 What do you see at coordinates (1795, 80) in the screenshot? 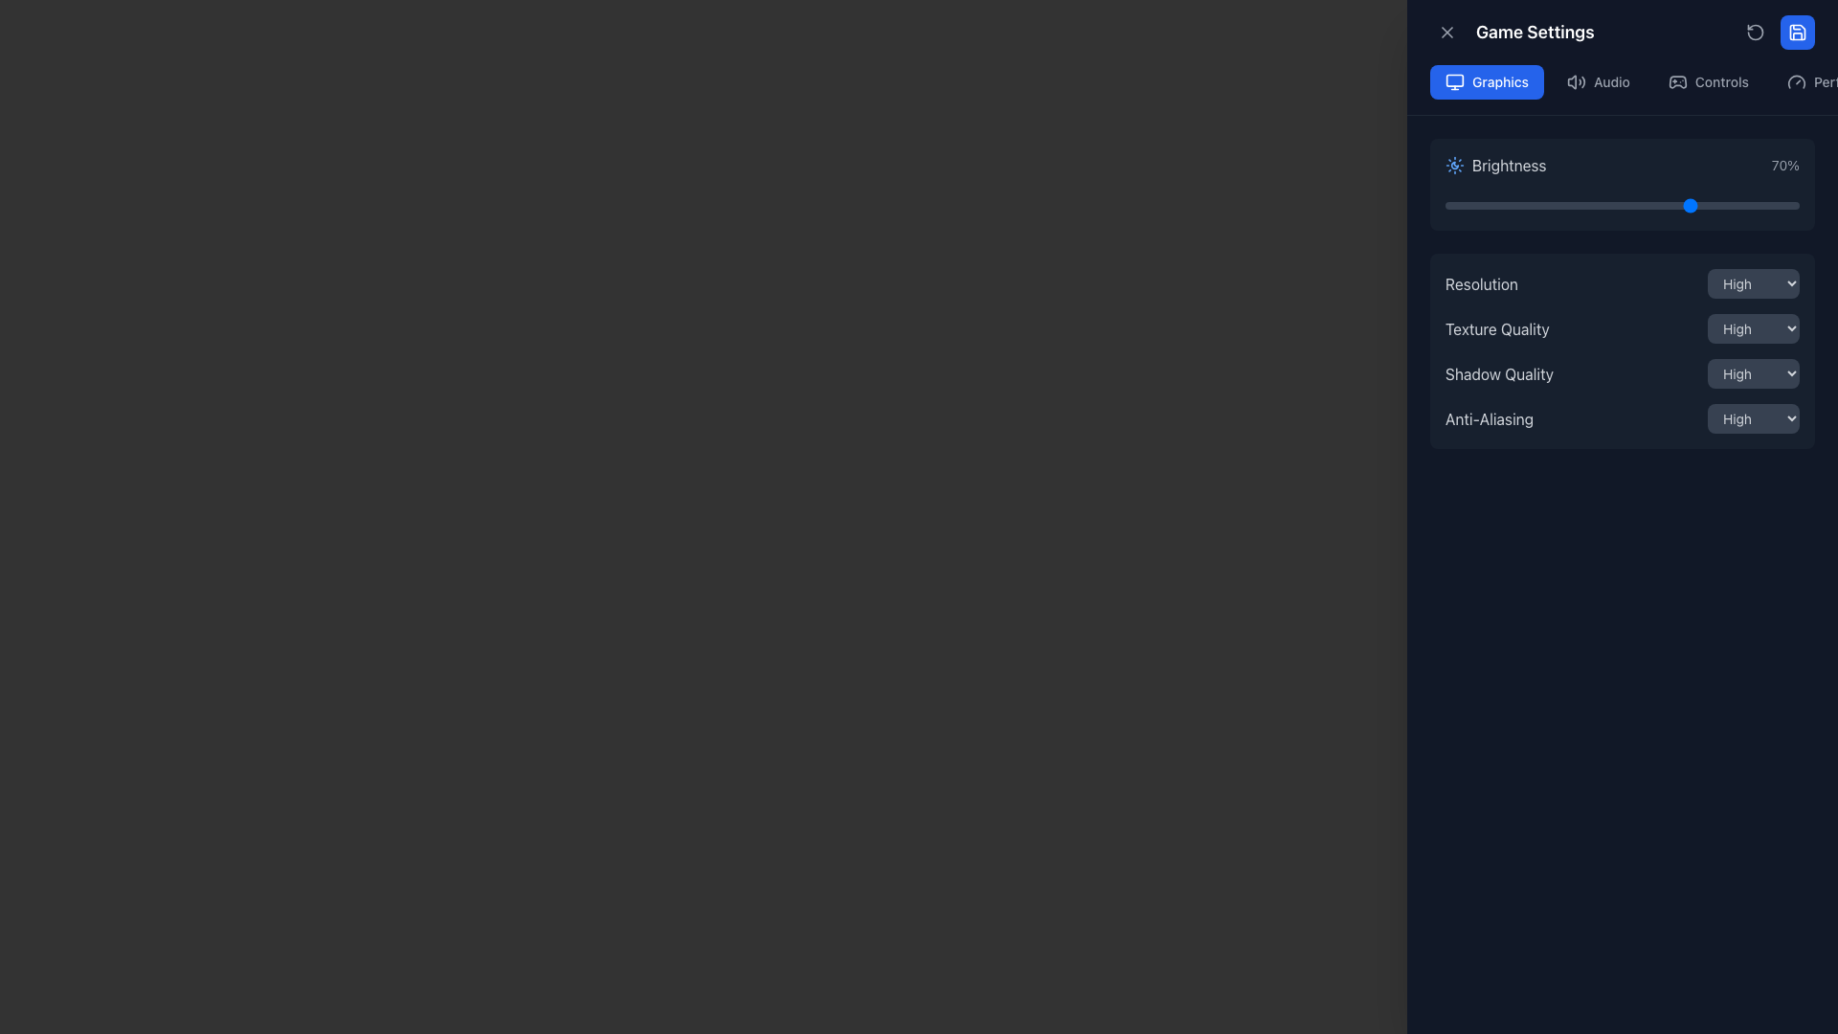
I see `the performance gauge icon in the top right section of the horizontal menu bar` at bounding box center [1795, 80].